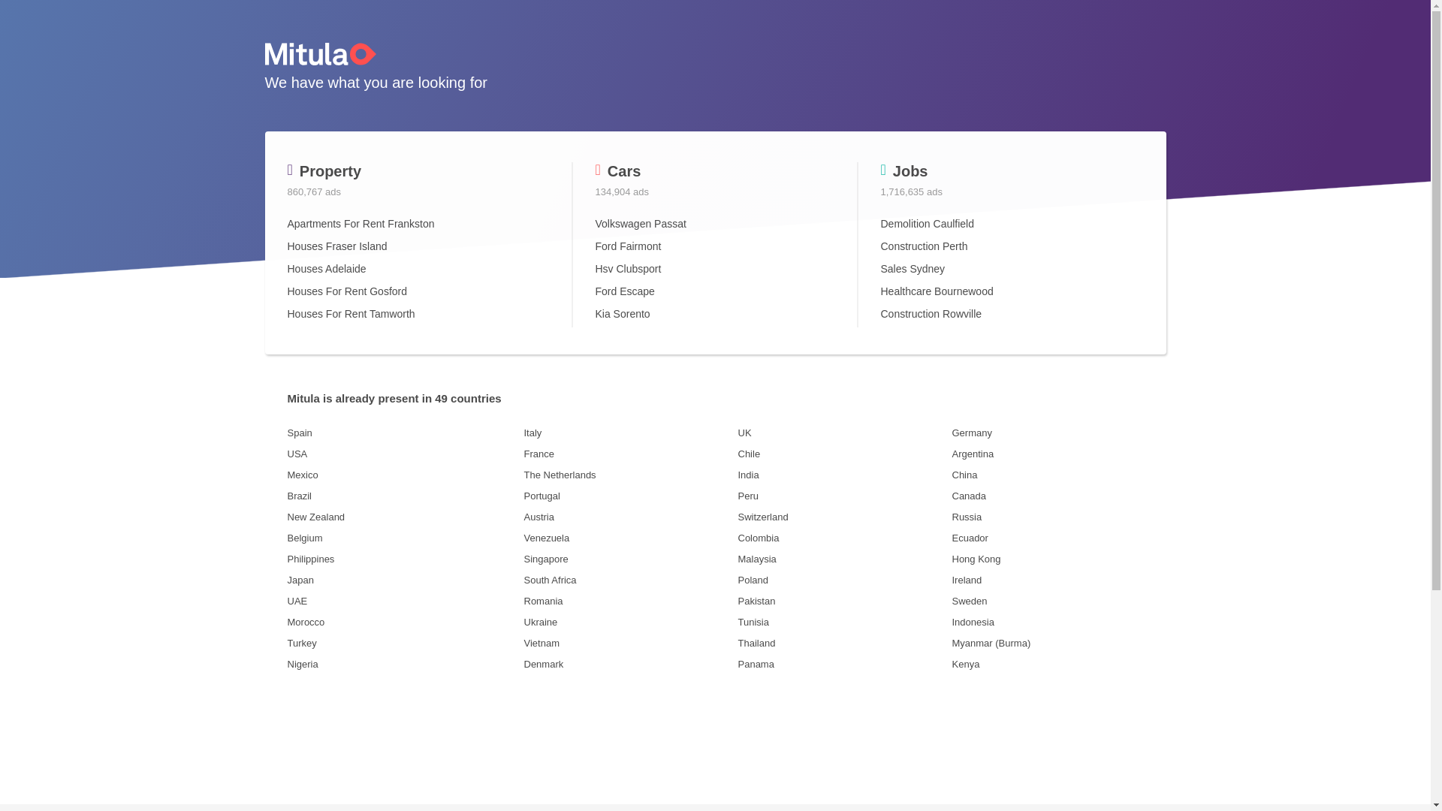 This screenshot has width=1442, height=811. I want to click on 'Hsv Clubsport', so click(627, 268).